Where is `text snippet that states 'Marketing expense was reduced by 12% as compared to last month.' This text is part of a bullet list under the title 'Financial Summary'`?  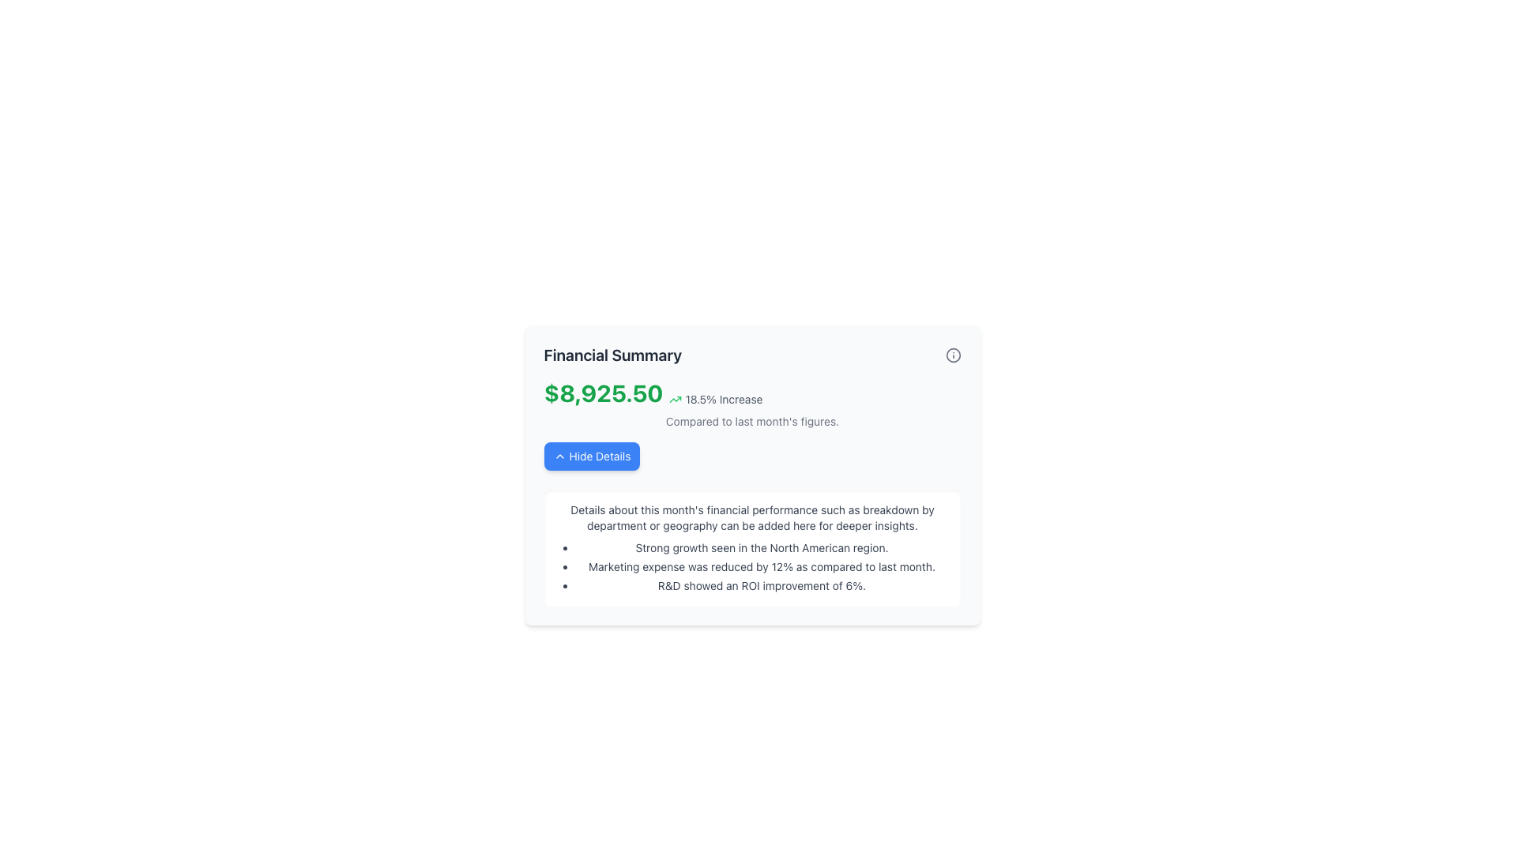
text snippet that states 'Marketing expense was reduced by 12% as compared to last month.' This text is part of a bullet list under the title 'Financial Summary' is located at coordinates (762, 566).